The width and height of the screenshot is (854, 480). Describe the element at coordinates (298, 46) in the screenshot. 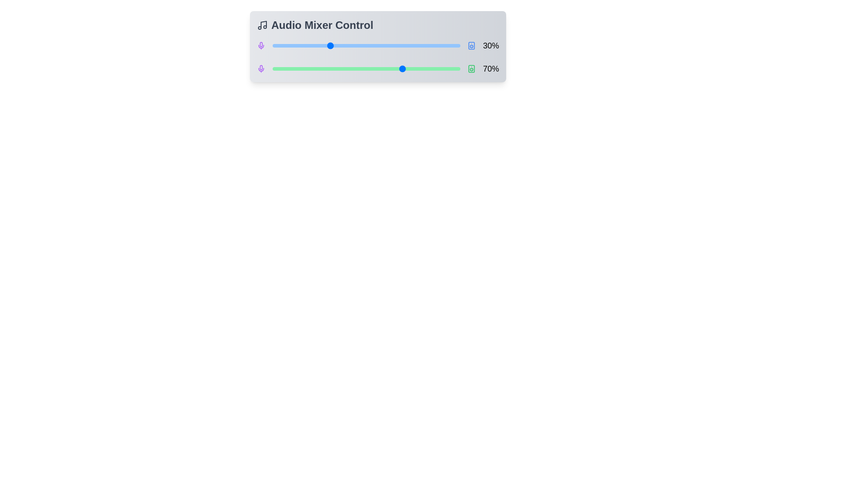

I see `the slider` at that location.